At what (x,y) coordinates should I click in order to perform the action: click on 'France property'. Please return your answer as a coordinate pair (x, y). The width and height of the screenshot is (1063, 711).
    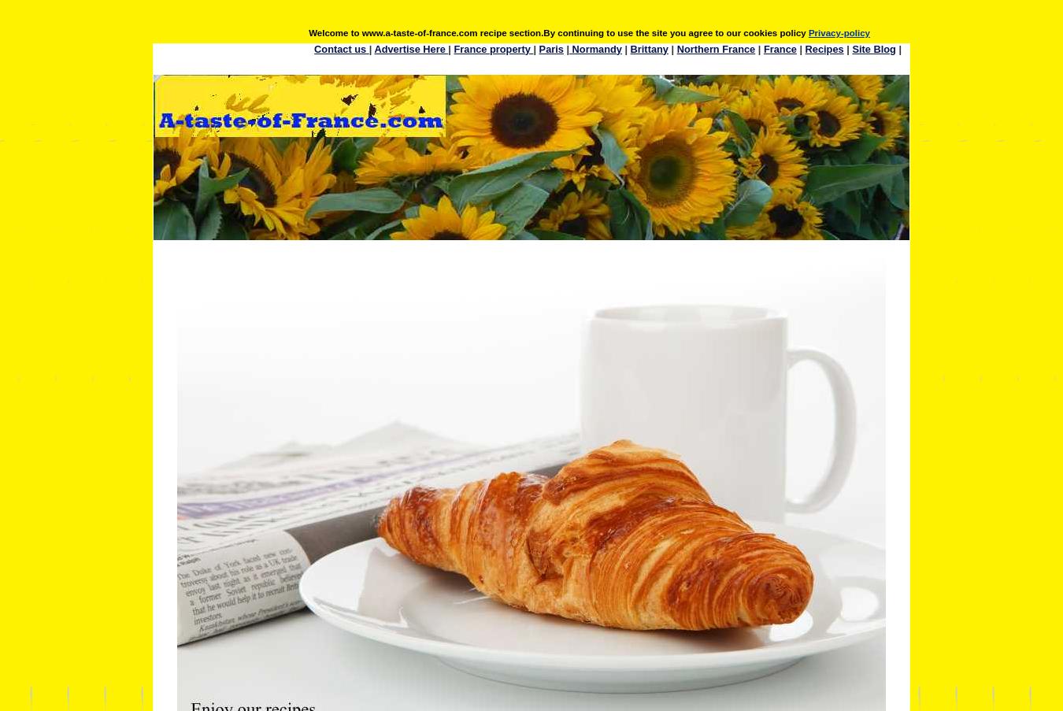
    Looking at the image, I should click on (493, 47).